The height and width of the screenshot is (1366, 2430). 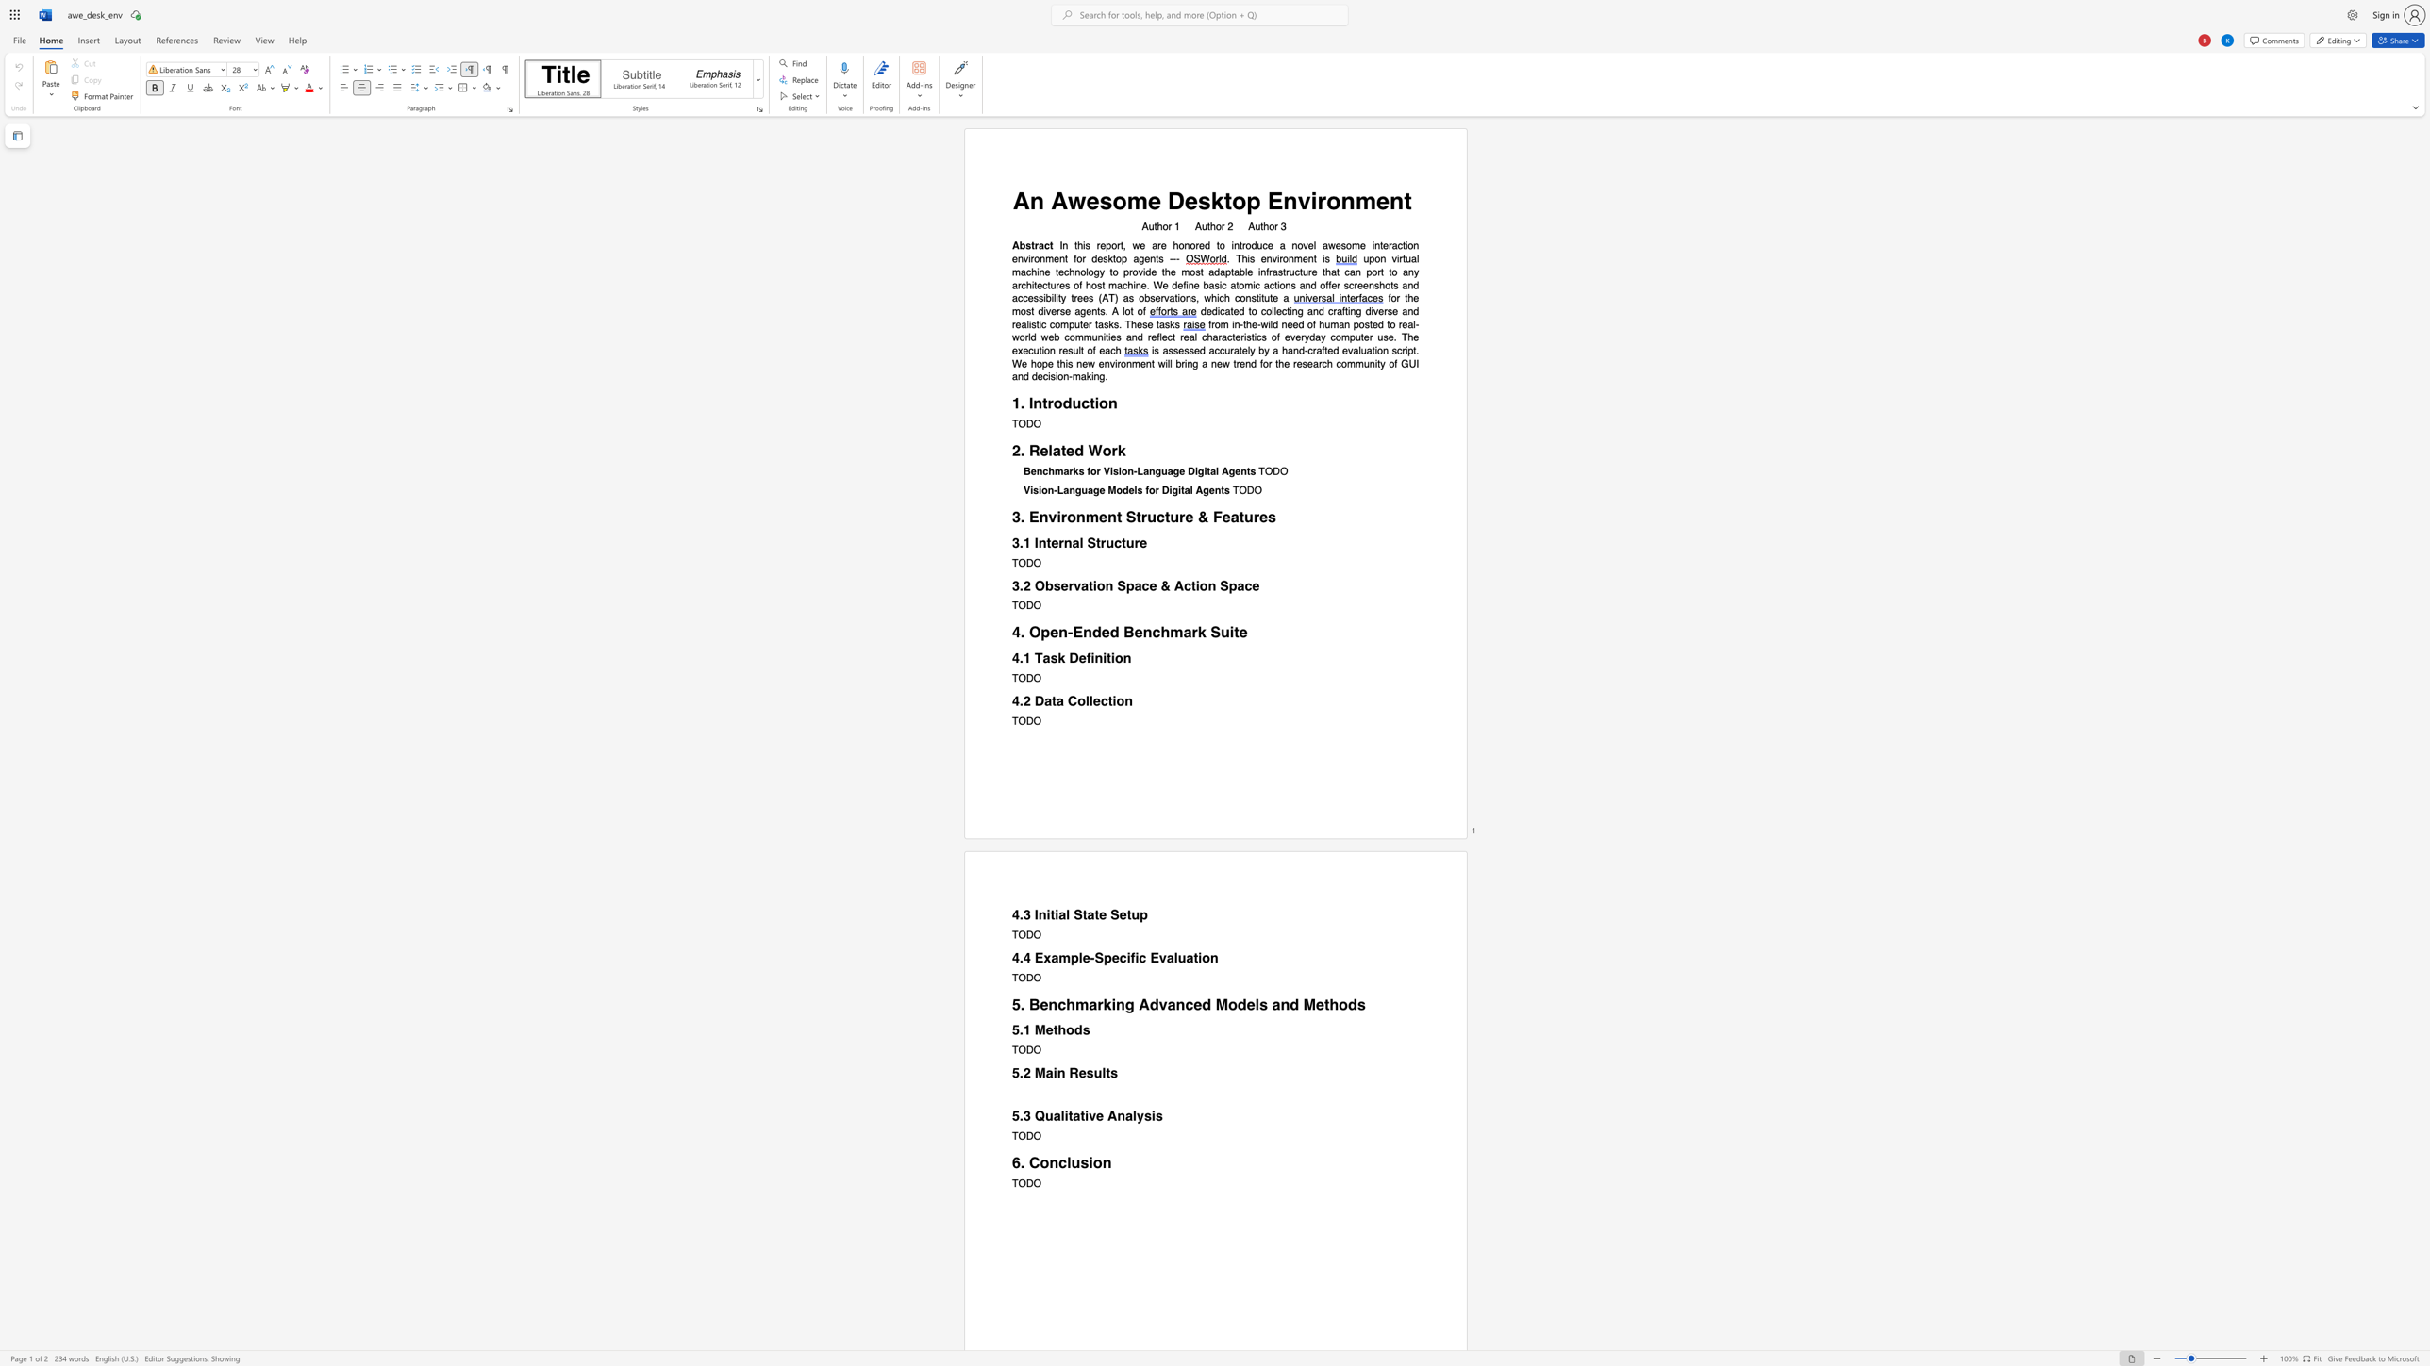 What do you see at coordinates (1309, 258) in the screenshot?
I see `the 3th character "n" in the text` at bounding box center [1309, 258].